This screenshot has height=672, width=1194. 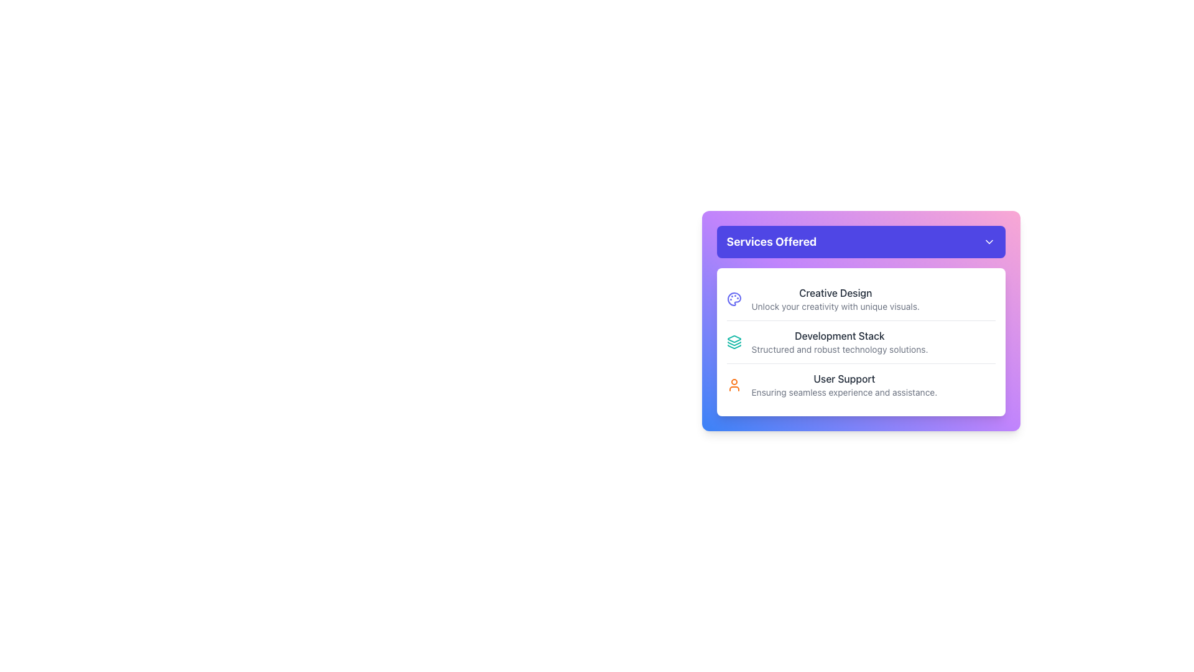 I want to click on the 'Creative Design' service icon, which is the first icon in the list and positioned to the left of the 'Creative Design' text, so click(x=734, y=299).